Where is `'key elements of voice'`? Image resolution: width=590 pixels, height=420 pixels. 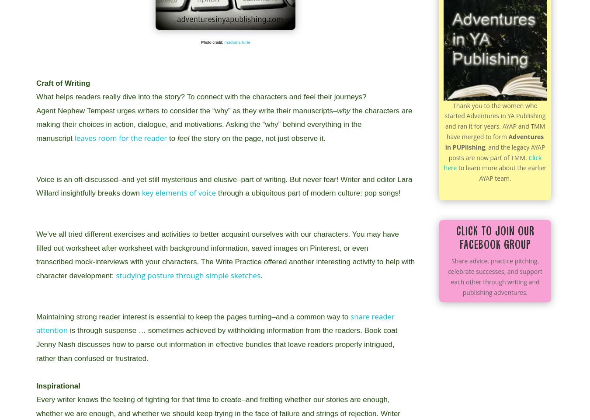 'key elements of voice' is located at coordinates (179, 192).